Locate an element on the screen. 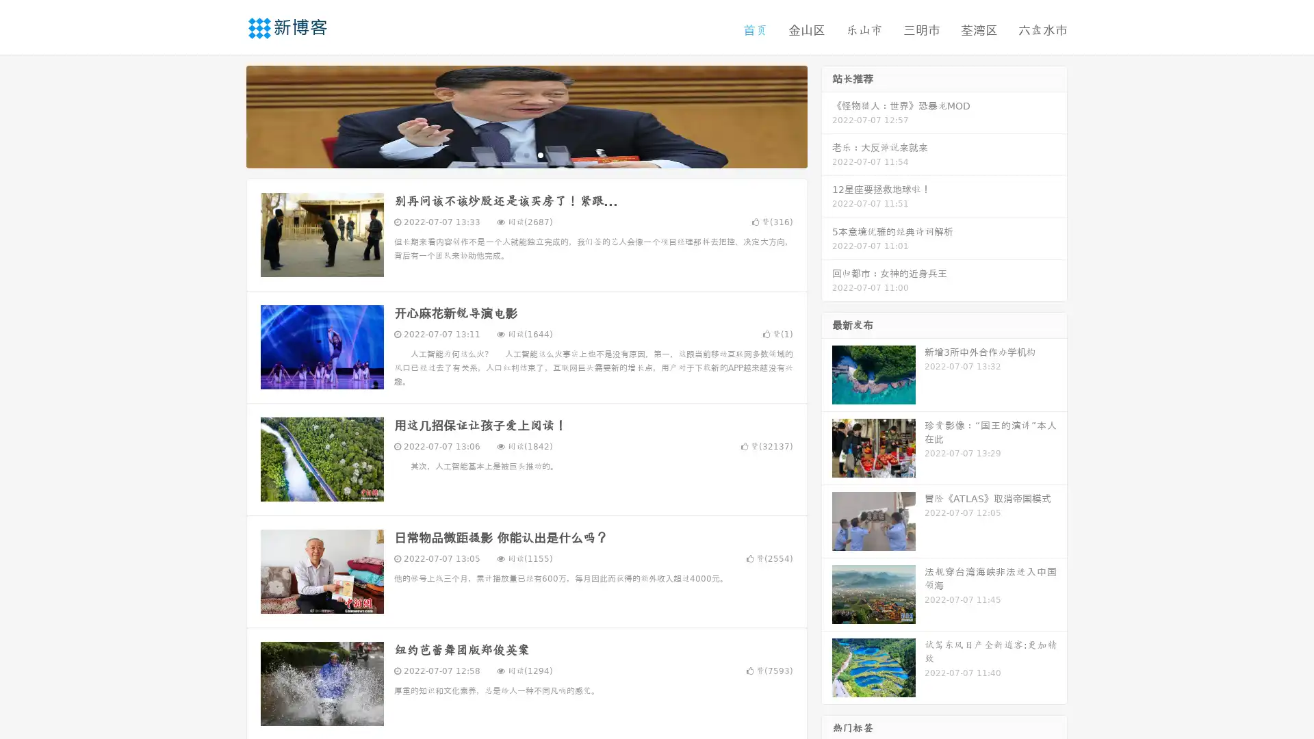  Go to slide 3 is located at coordinates (540, 154).